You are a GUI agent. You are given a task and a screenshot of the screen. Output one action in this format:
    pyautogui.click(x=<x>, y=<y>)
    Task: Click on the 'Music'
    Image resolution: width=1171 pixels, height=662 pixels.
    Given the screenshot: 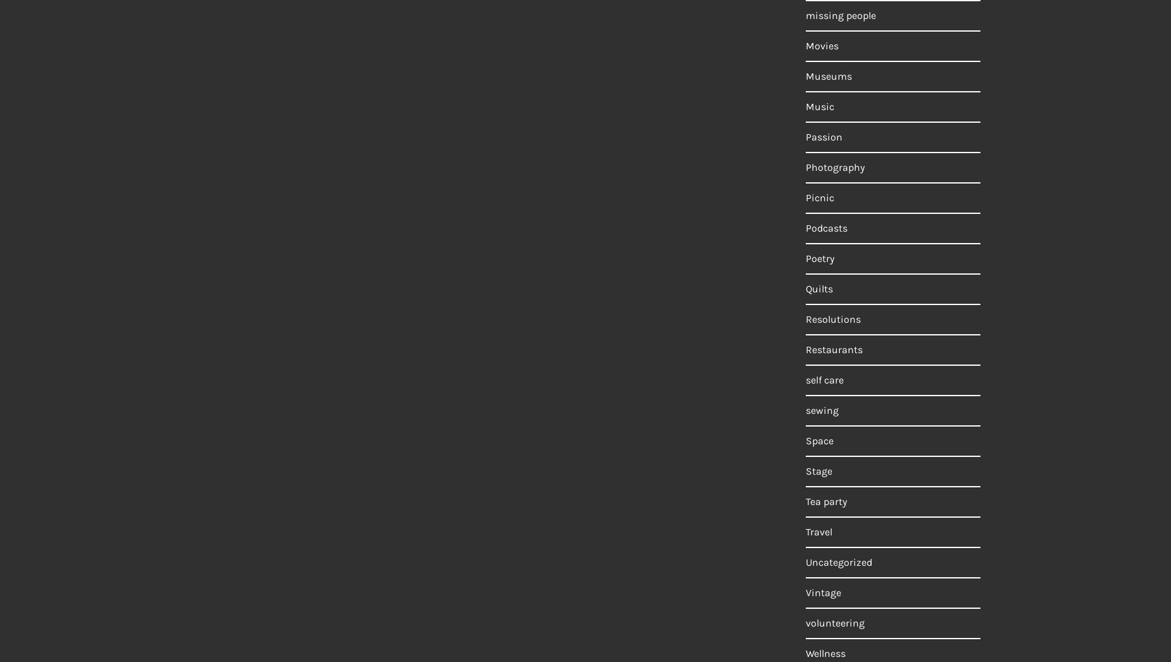 What is the action you would take?
    pyautogui.click(x=819, y=106)
    